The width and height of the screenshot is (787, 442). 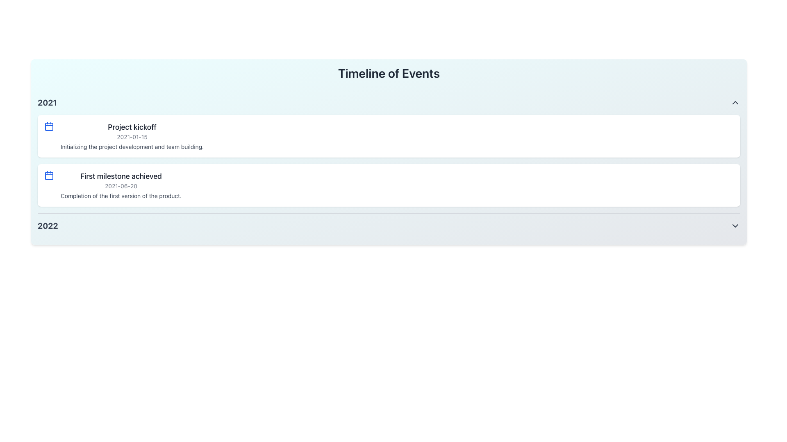 I want to click on the upward-pointing dark gray arrow icon located in the header labeled '2021', so click(x=735, y=102).